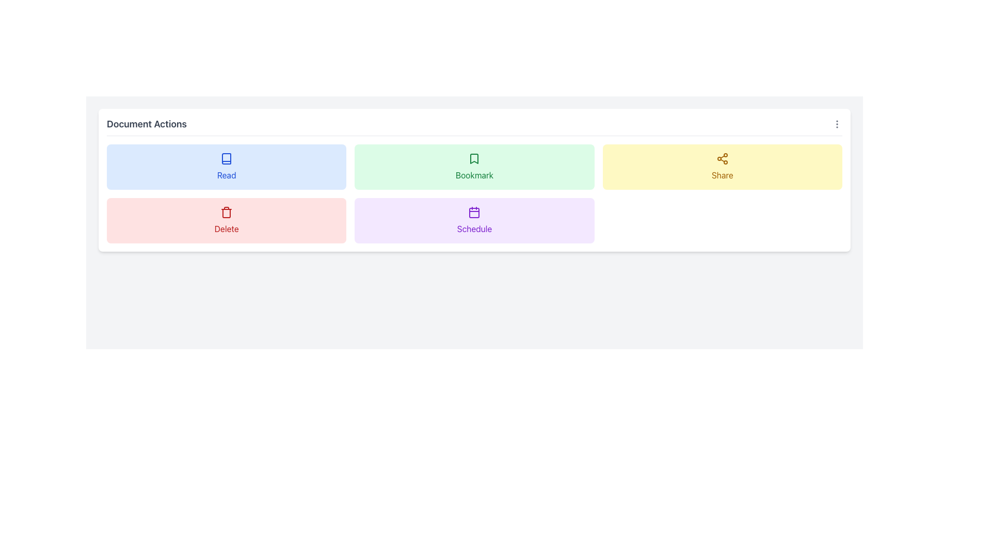 This screenshot has height=557, width=991. What do you see at coordinates (474, 220) in the screenshot?
I see `the 'Schedule' button, which is a light purple rectangular button with rounded corners, containing a calendar icon and located in the center column of the second row in the grid layout` at bounding box center [474, 220].